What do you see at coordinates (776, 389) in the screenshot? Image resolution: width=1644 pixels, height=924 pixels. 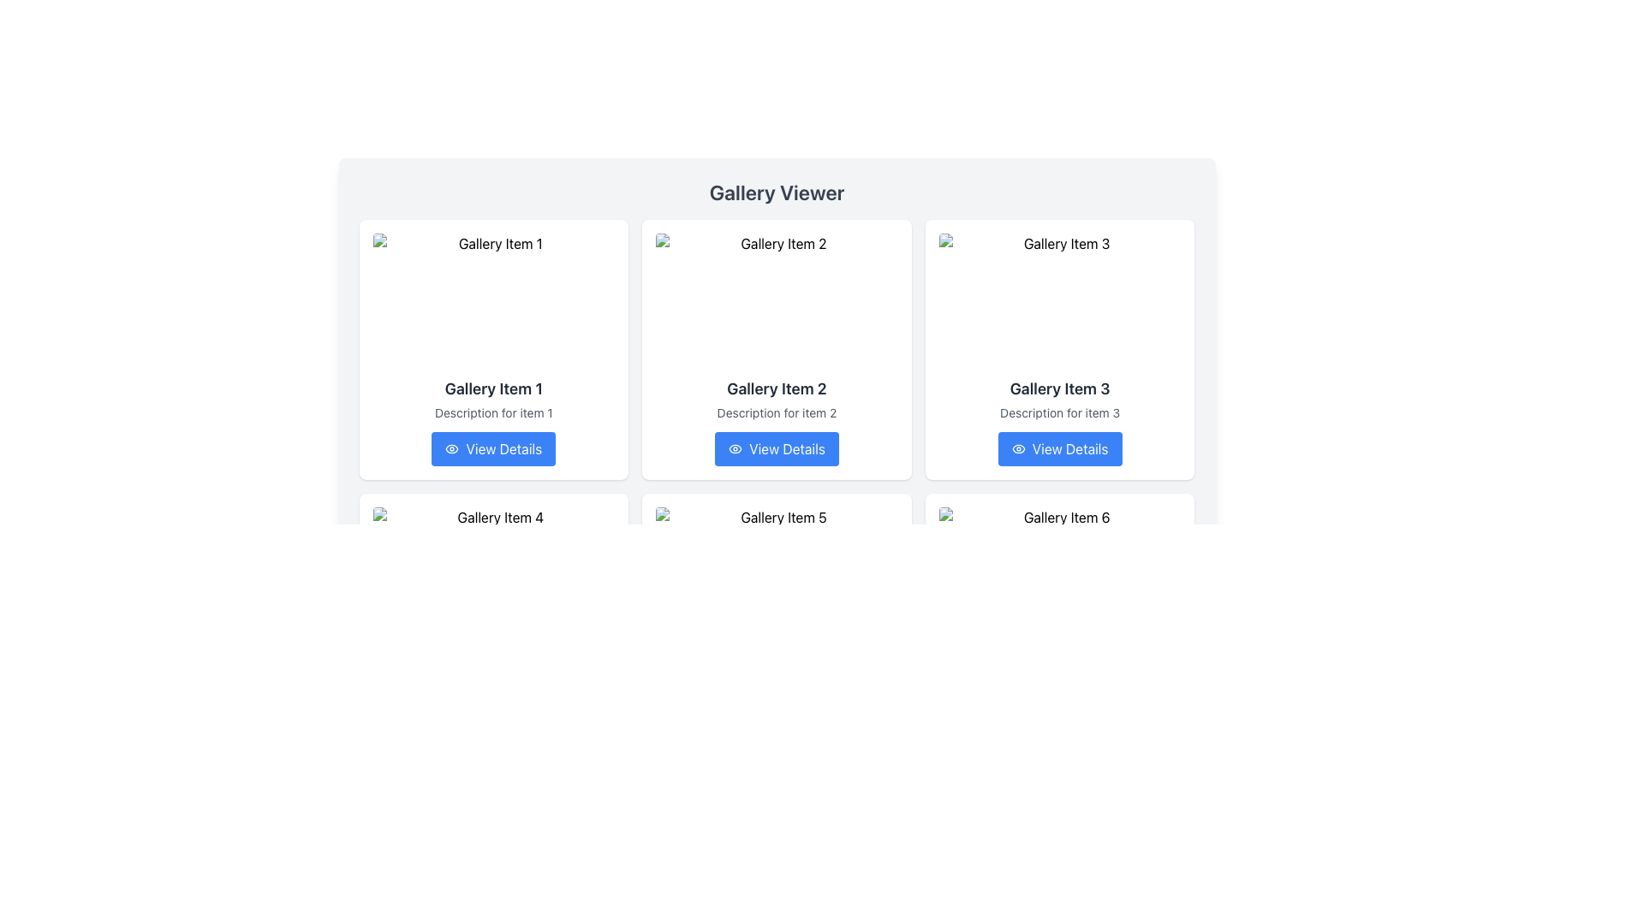 I see `the Text Label that serves as the title of the gallery item located in the second card of the first row, positioned above the 'Description for item 2' text and below the image of item 2` at bounding box center [776, 389].